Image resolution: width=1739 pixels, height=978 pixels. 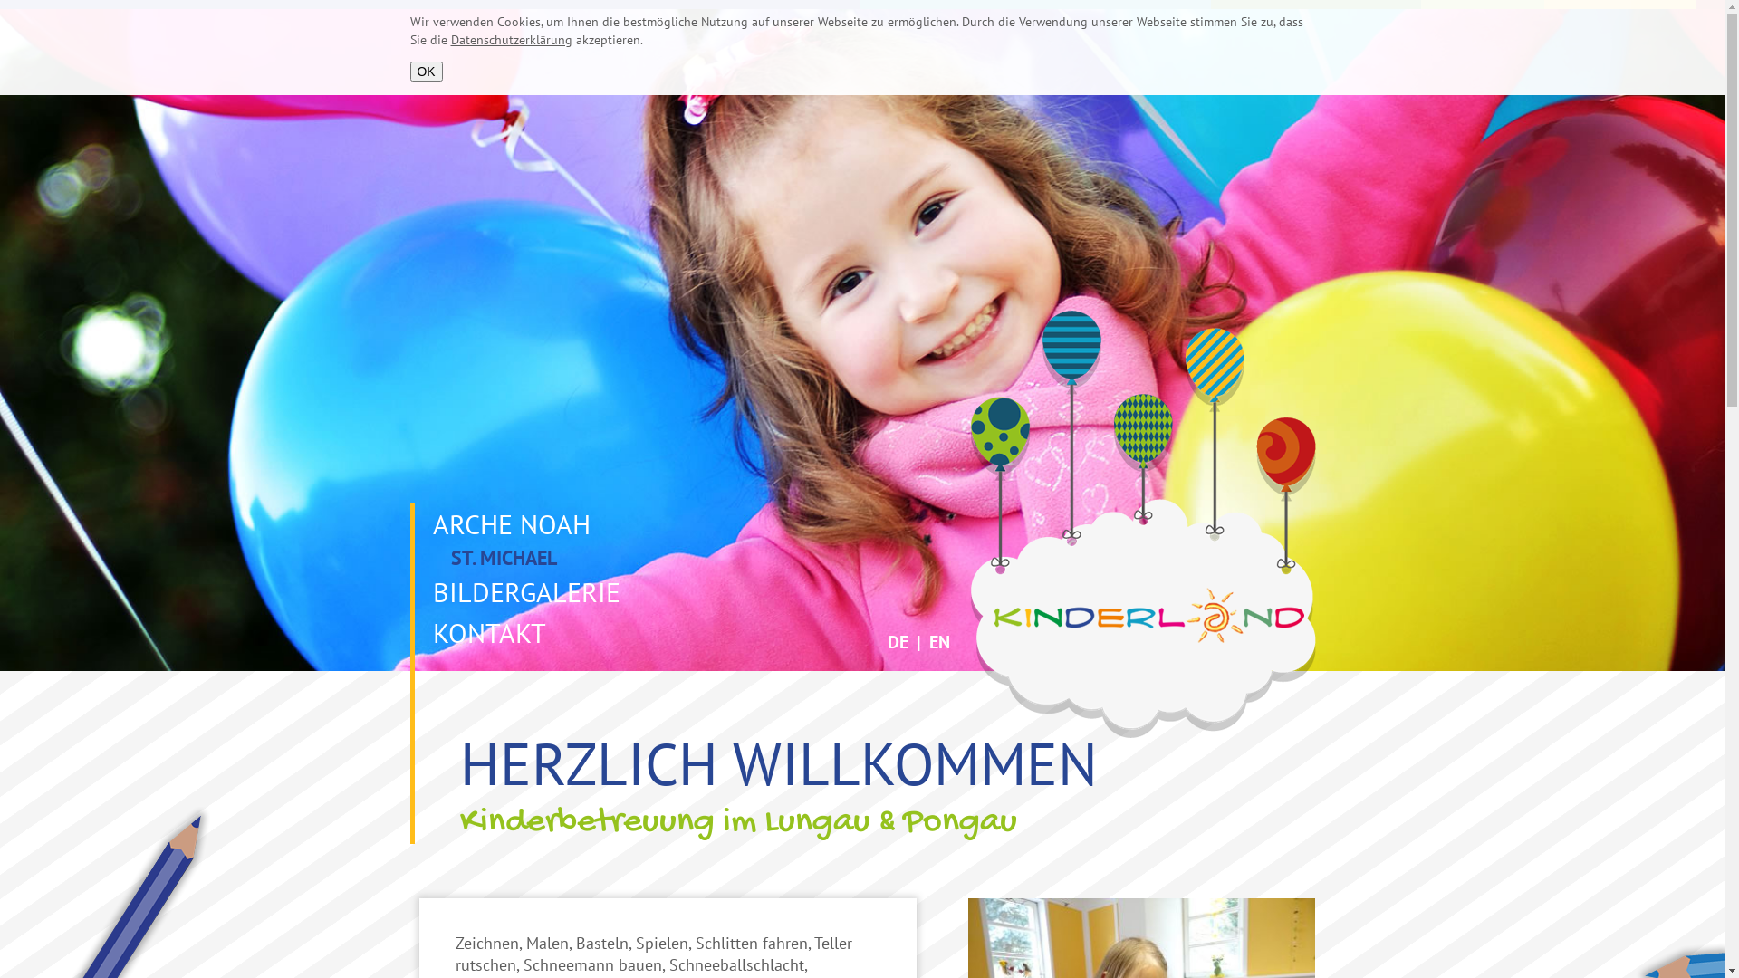 What do you see at coordinates (425, 70) in the screenshot?
I see `'OK'` at bounding box center [425, 70].